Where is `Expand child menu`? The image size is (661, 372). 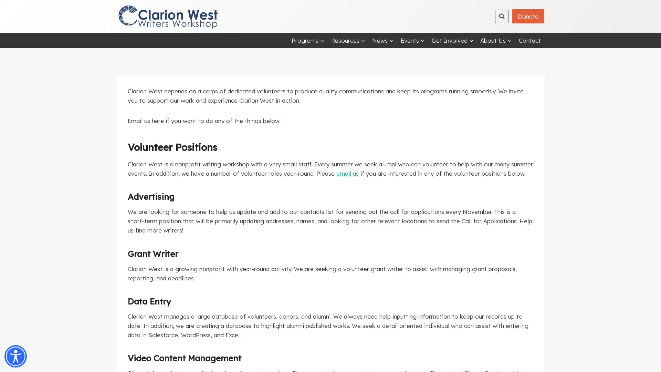
Expand child menu is located at coordinates (452, 40).